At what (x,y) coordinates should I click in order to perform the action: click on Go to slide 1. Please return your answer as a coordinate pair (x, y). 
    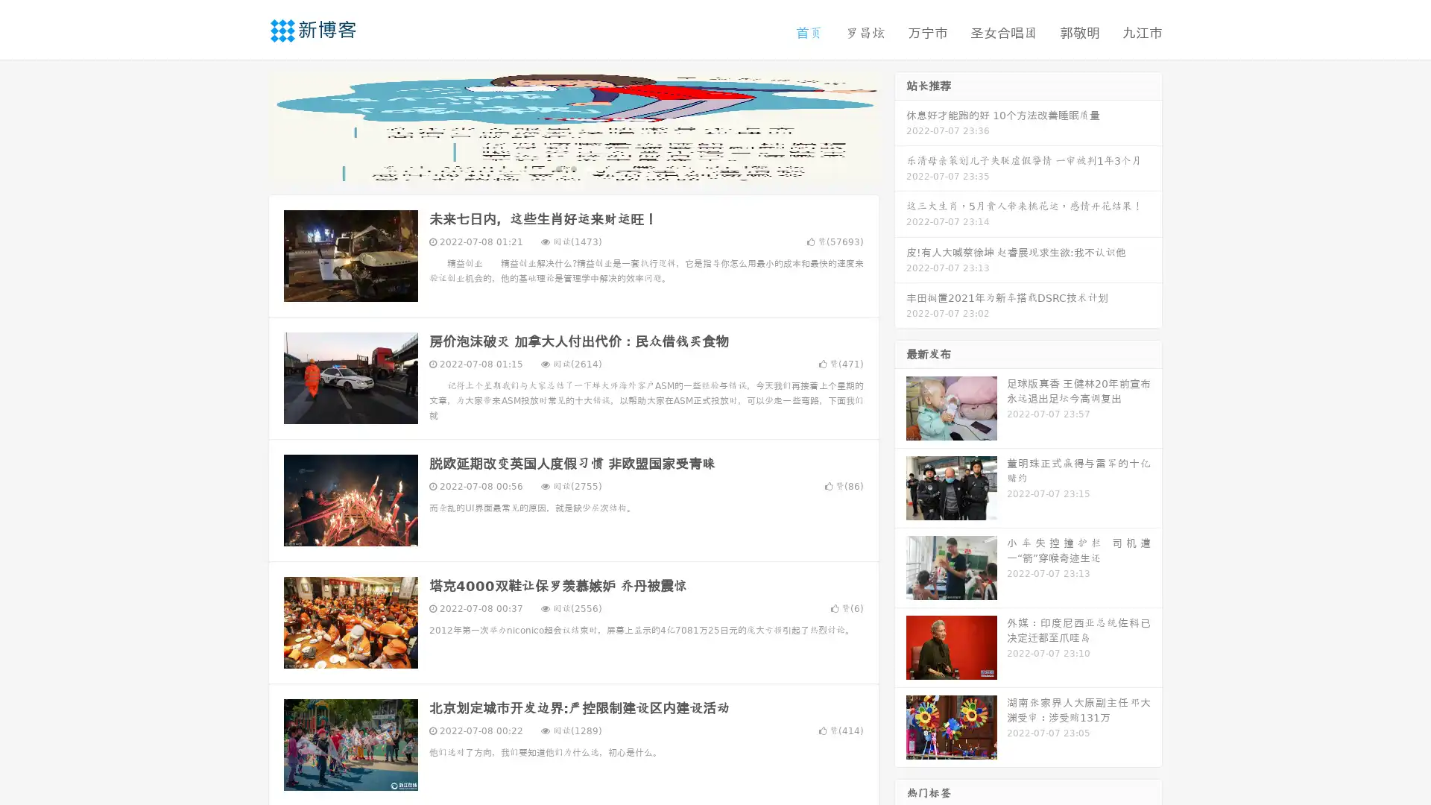
    Looking at the image, I should click on (557, 168).